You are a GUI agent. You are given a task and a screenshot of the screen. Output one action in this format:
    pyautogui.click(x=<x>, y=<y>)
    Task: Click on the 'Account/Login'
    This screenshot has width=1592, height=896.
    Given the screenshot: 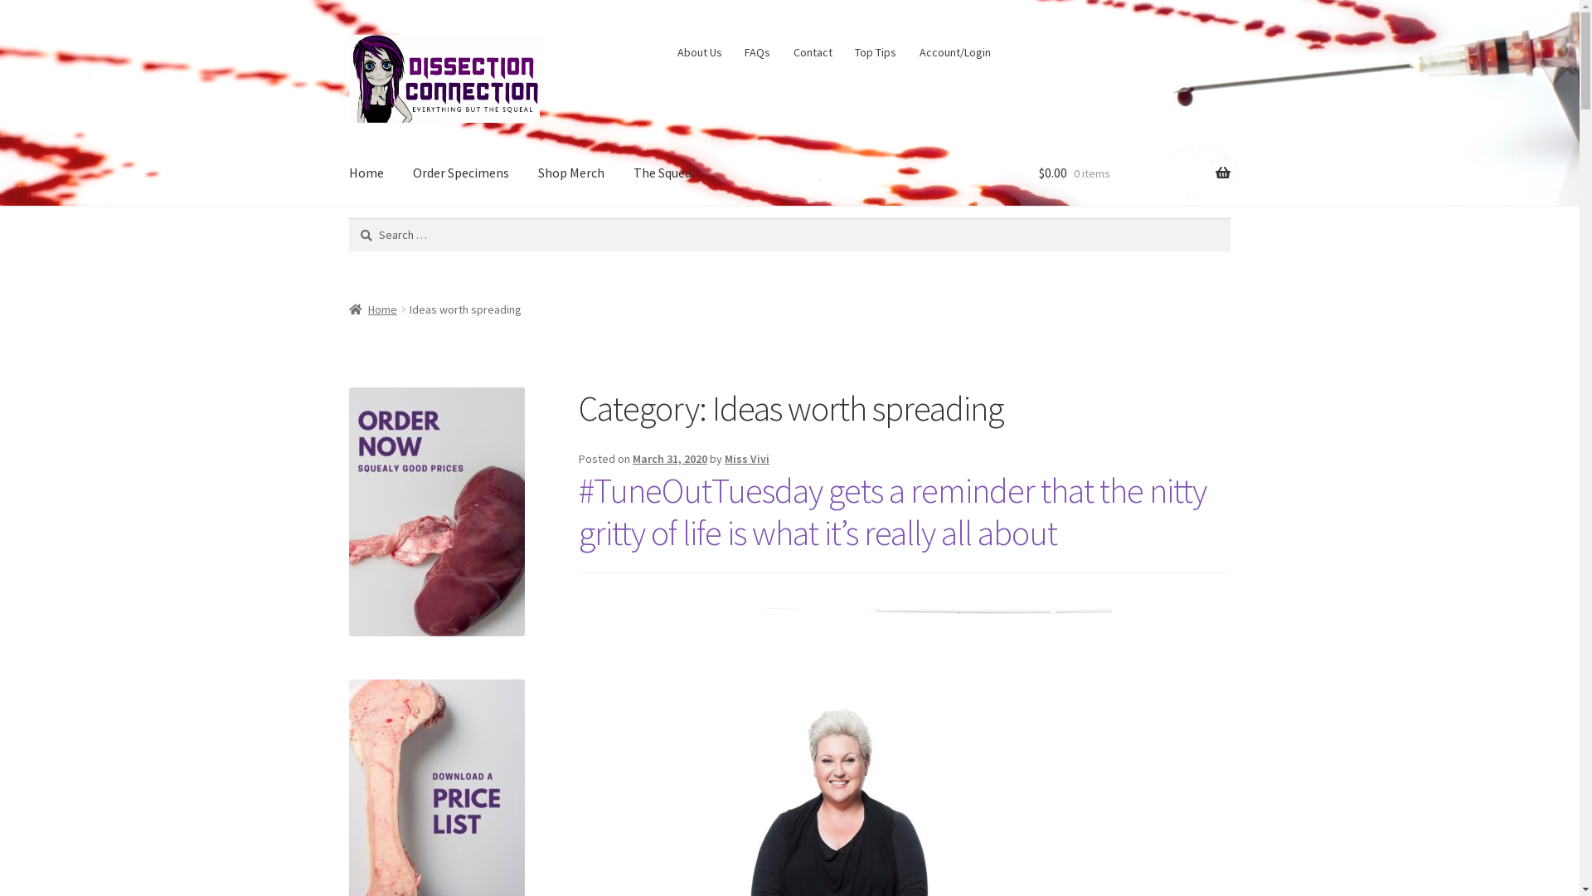 What is the action you would take?
    pyautogui.click(x=954, y=51)
    